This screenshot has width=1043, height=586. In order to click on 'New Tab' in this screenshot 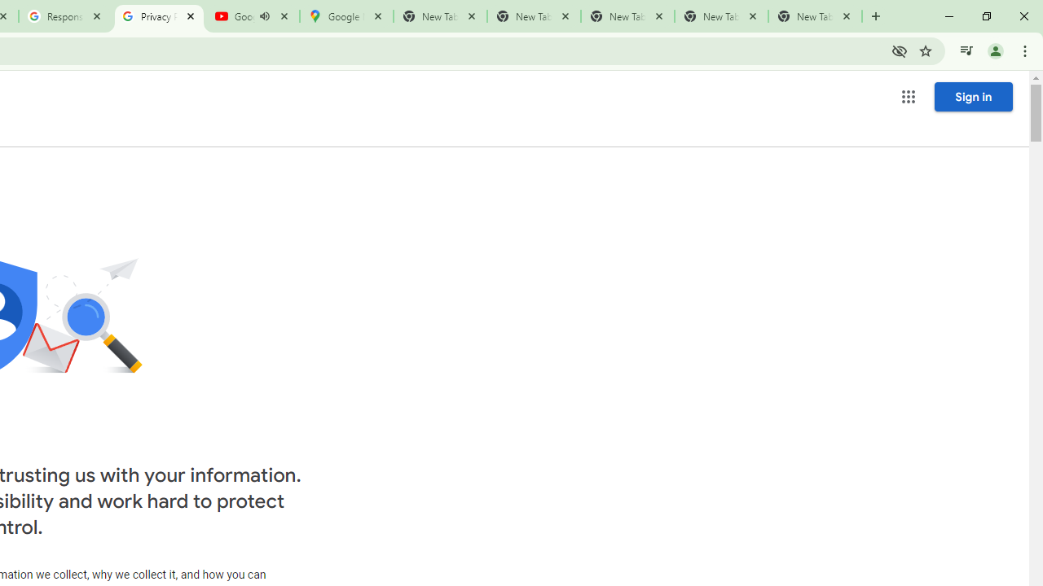, I will do `click(815, 16)`.